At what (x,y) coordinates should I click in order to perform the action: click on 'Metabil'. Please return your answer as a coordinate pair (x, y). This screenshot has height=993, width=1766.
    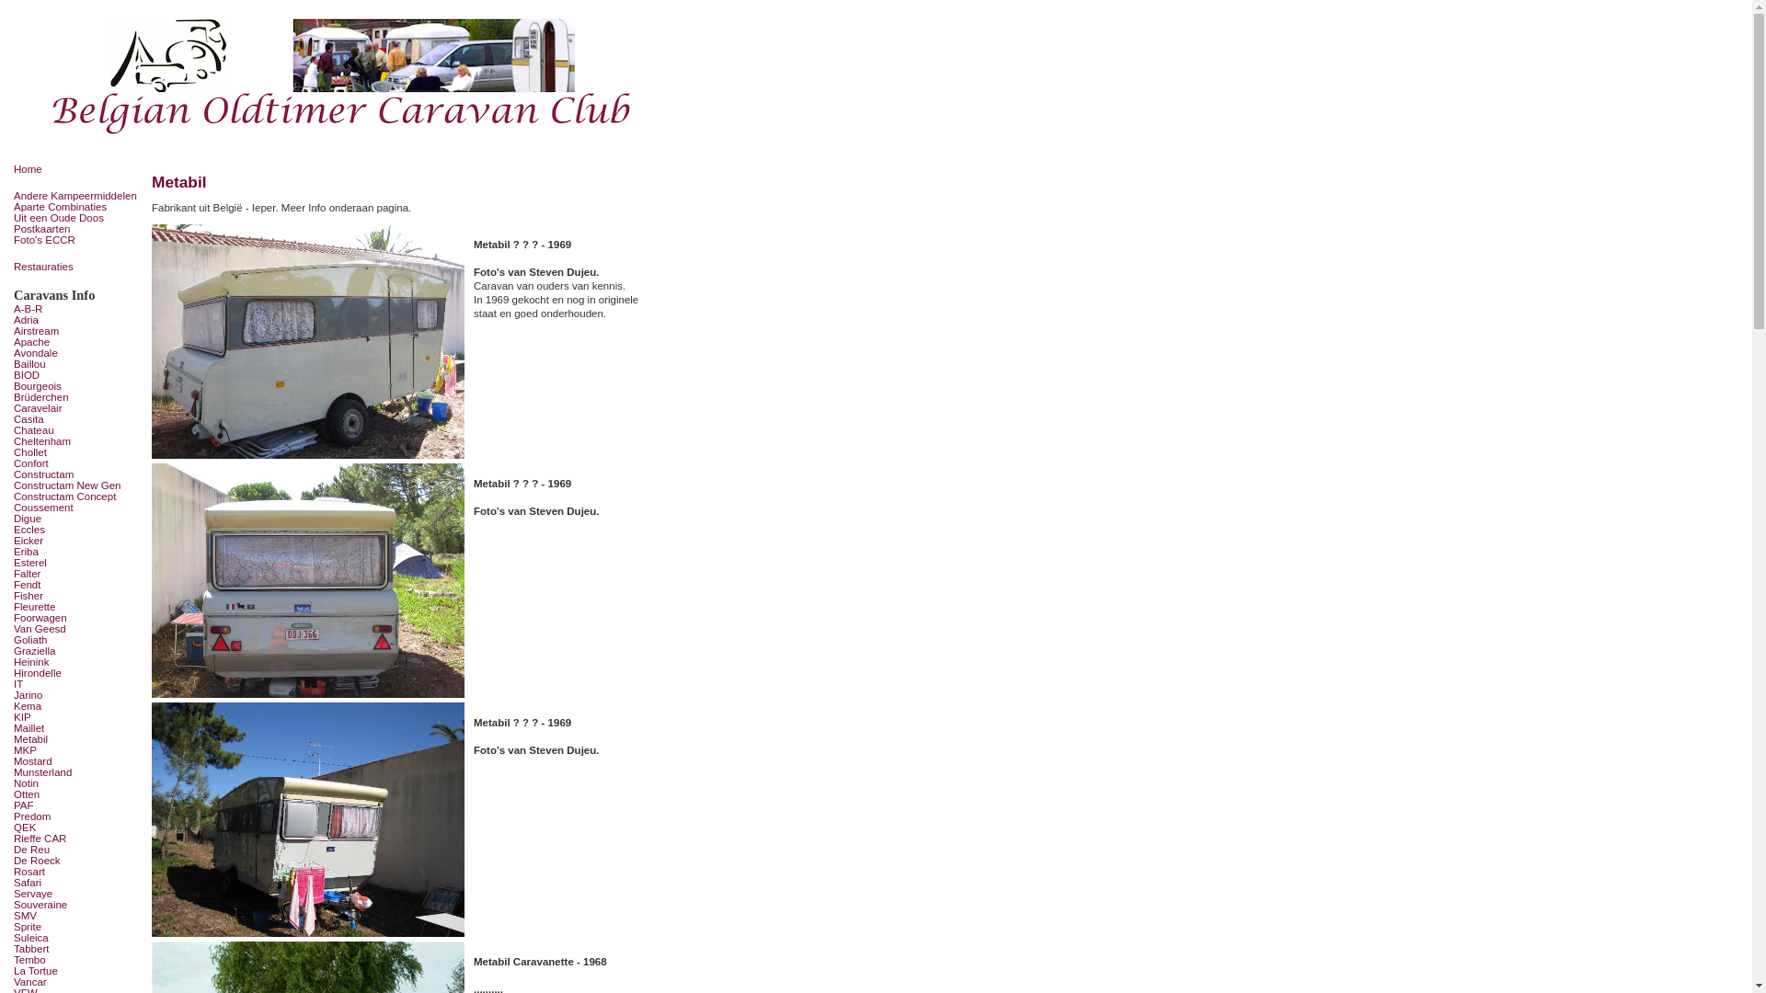
    Looking at the image, I should click on (77, 737).